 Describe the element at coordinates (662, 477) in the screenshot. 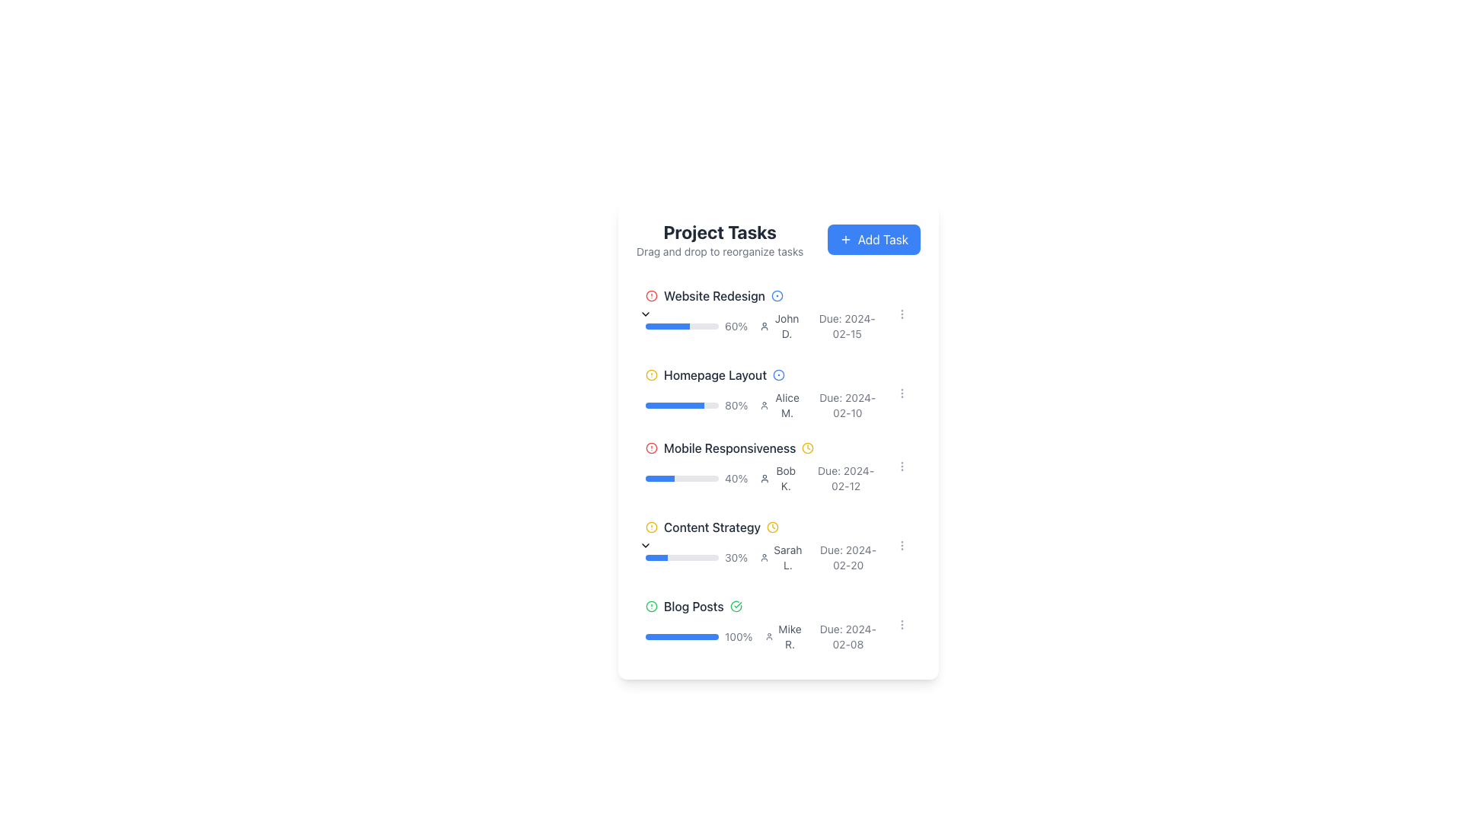

I see `progress` at that location.